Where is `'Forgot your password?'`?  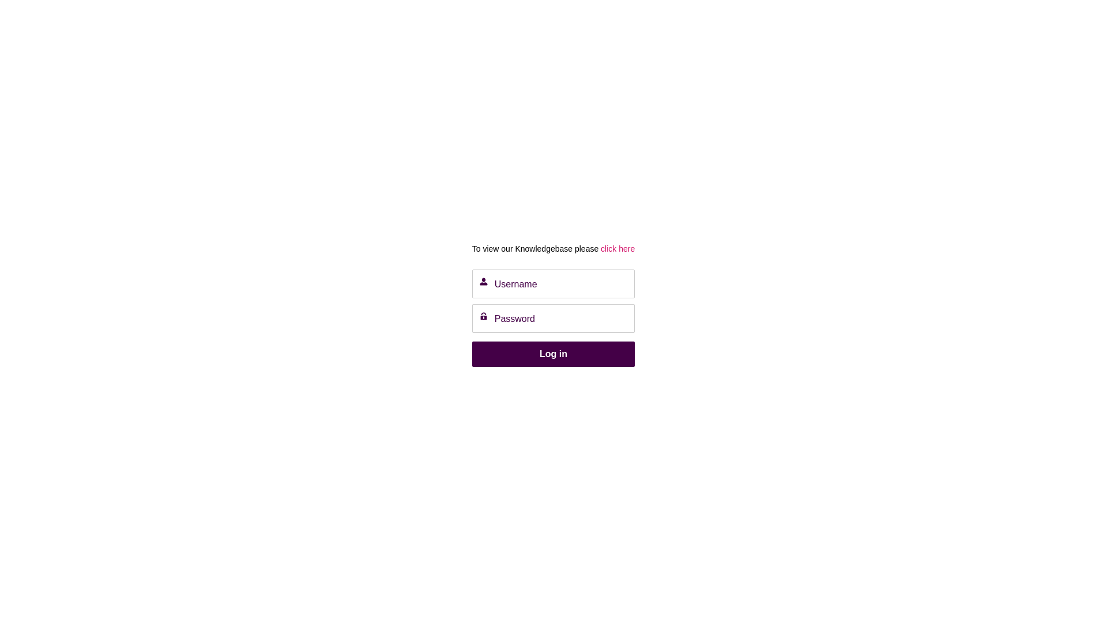 'Forgot your password?' is located at coordinates (513, 381).